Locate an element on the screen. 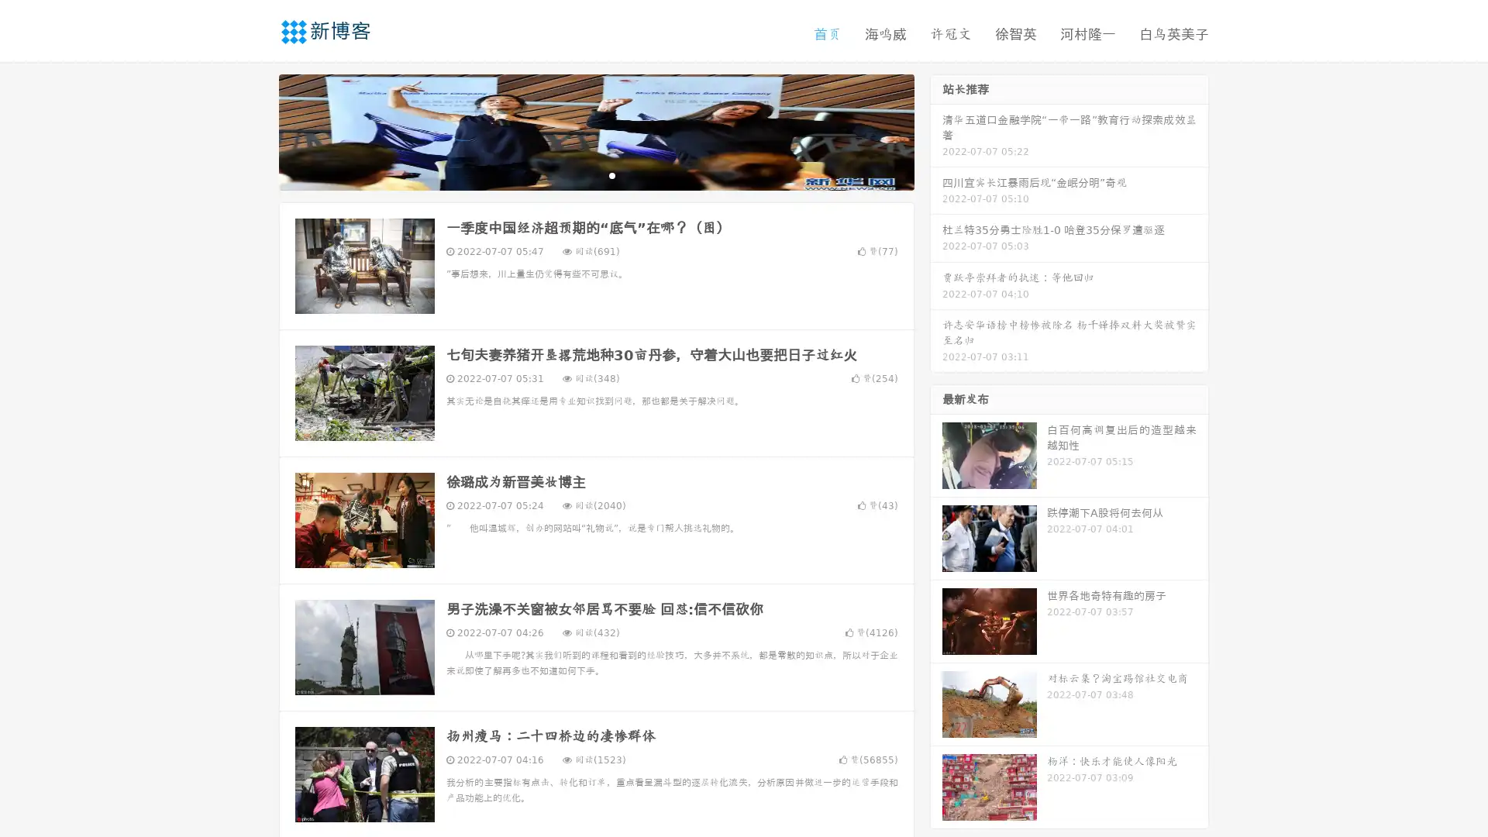 The width and height of the screenshot is (1488, 837). Go to slide 2 is located at coordinates (595, 174).